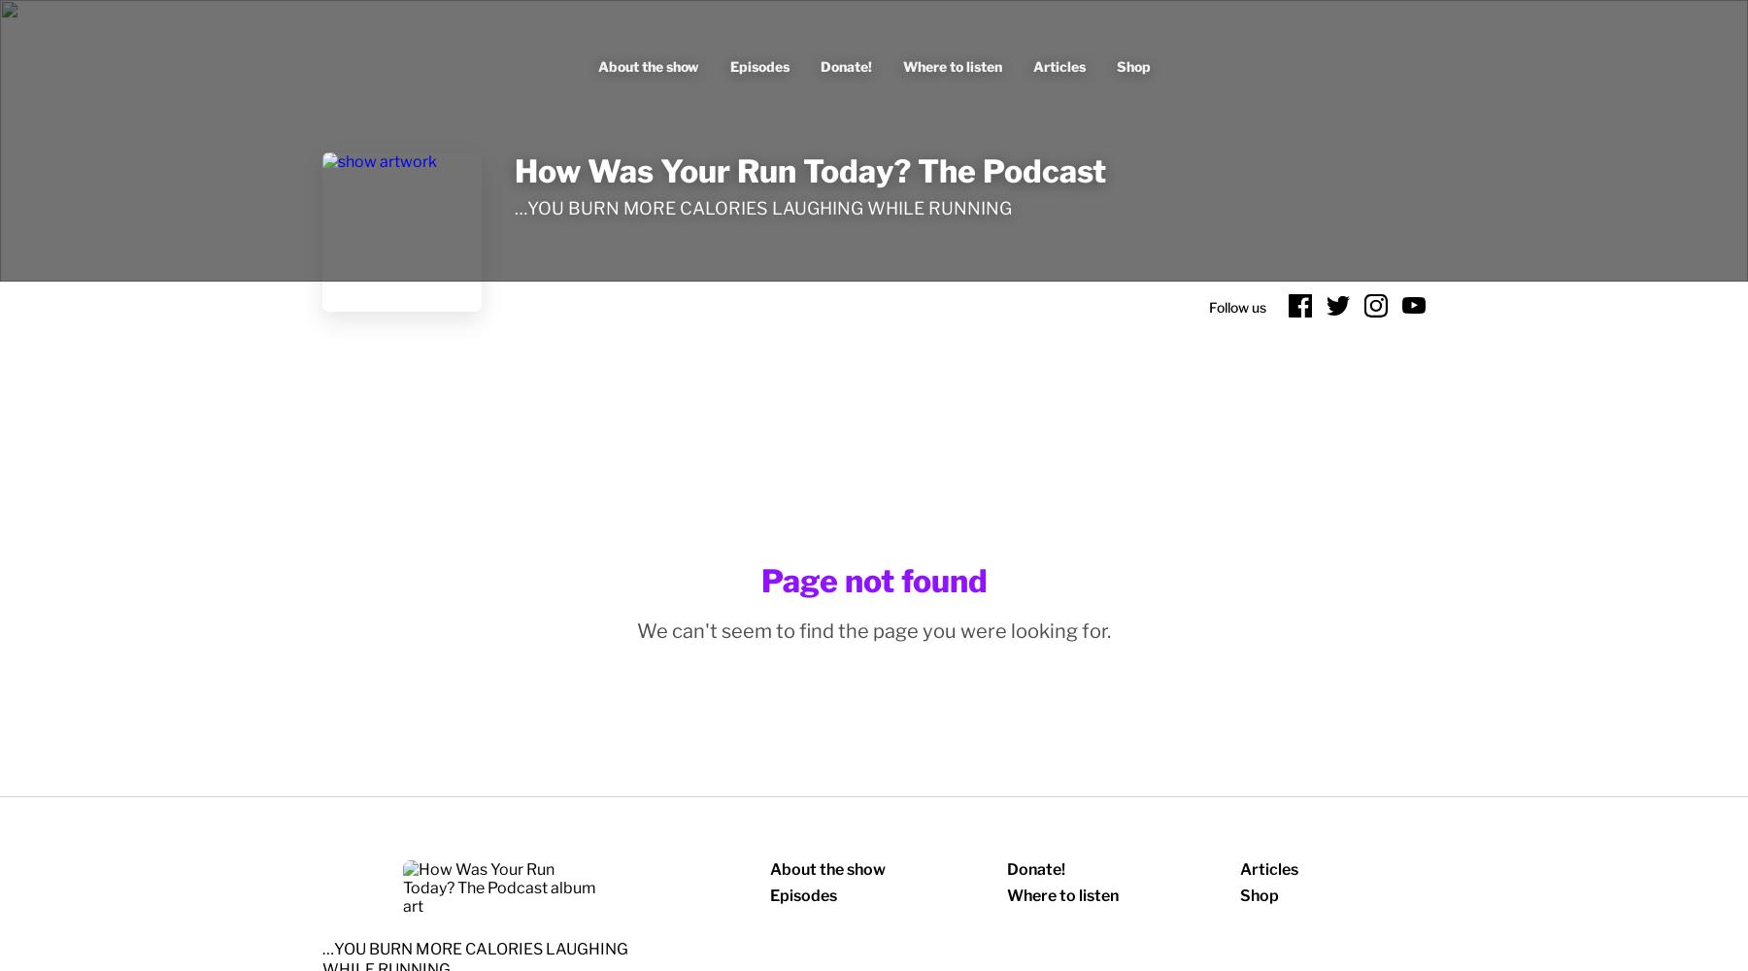  I want to click on 'We can't seem to find the page you were looking for.', so click(636, 630).